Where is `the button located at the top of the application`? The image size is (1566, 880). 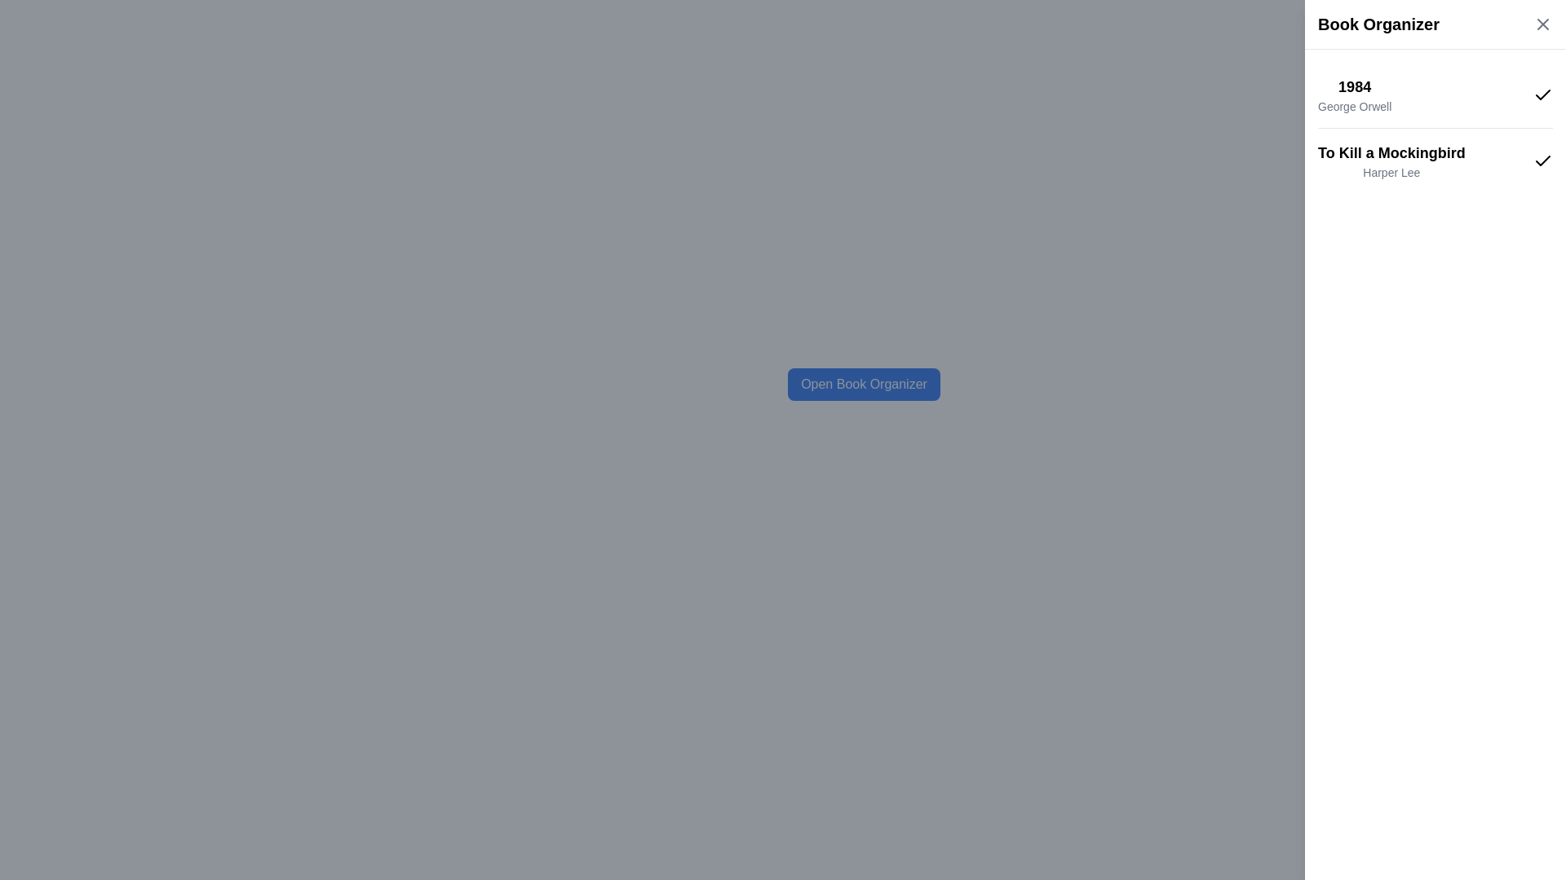
the button located at the top of the application is located at coordinates (863, 384).